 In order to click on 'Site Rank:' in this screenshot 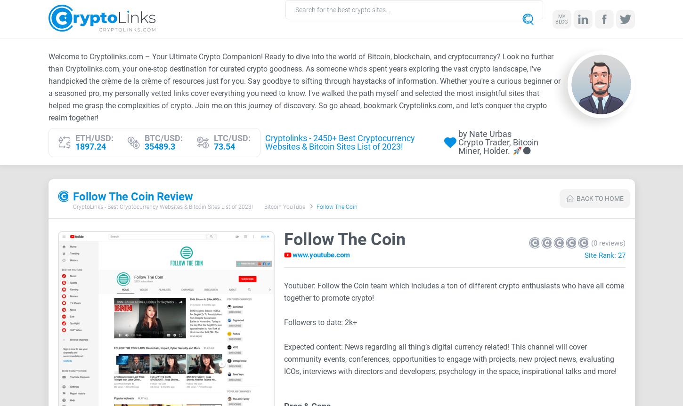, I will do `click(601, 255)`.